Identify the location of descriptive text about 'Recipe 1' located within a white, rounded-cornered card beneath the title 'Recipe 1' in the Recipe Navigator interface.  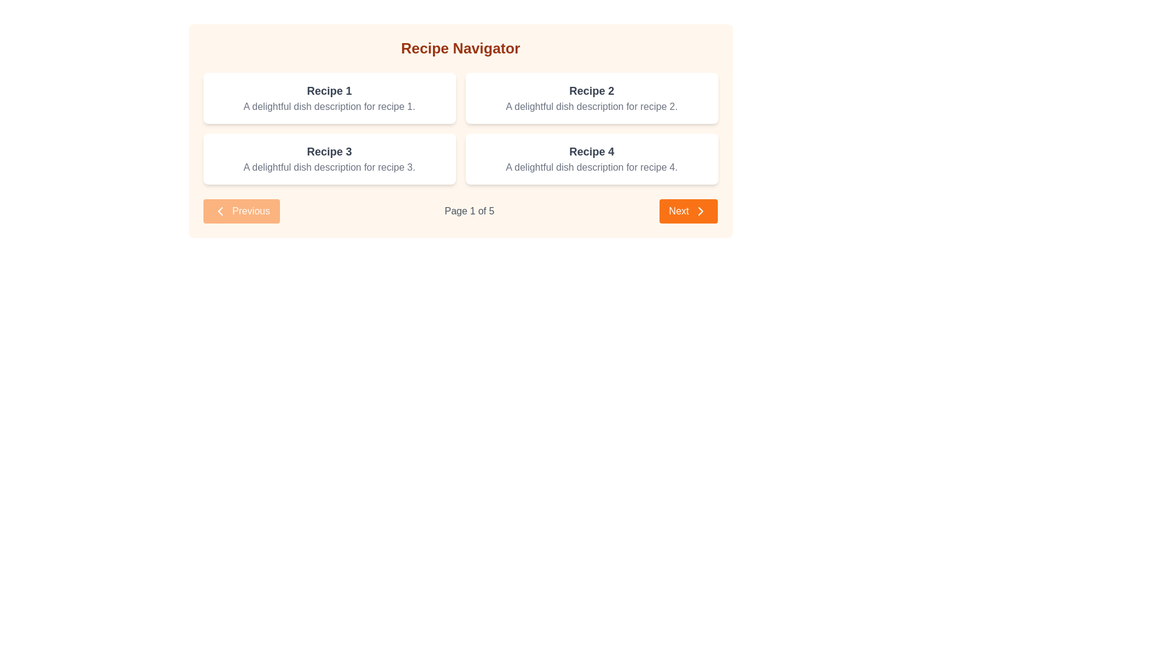
(329, 106).